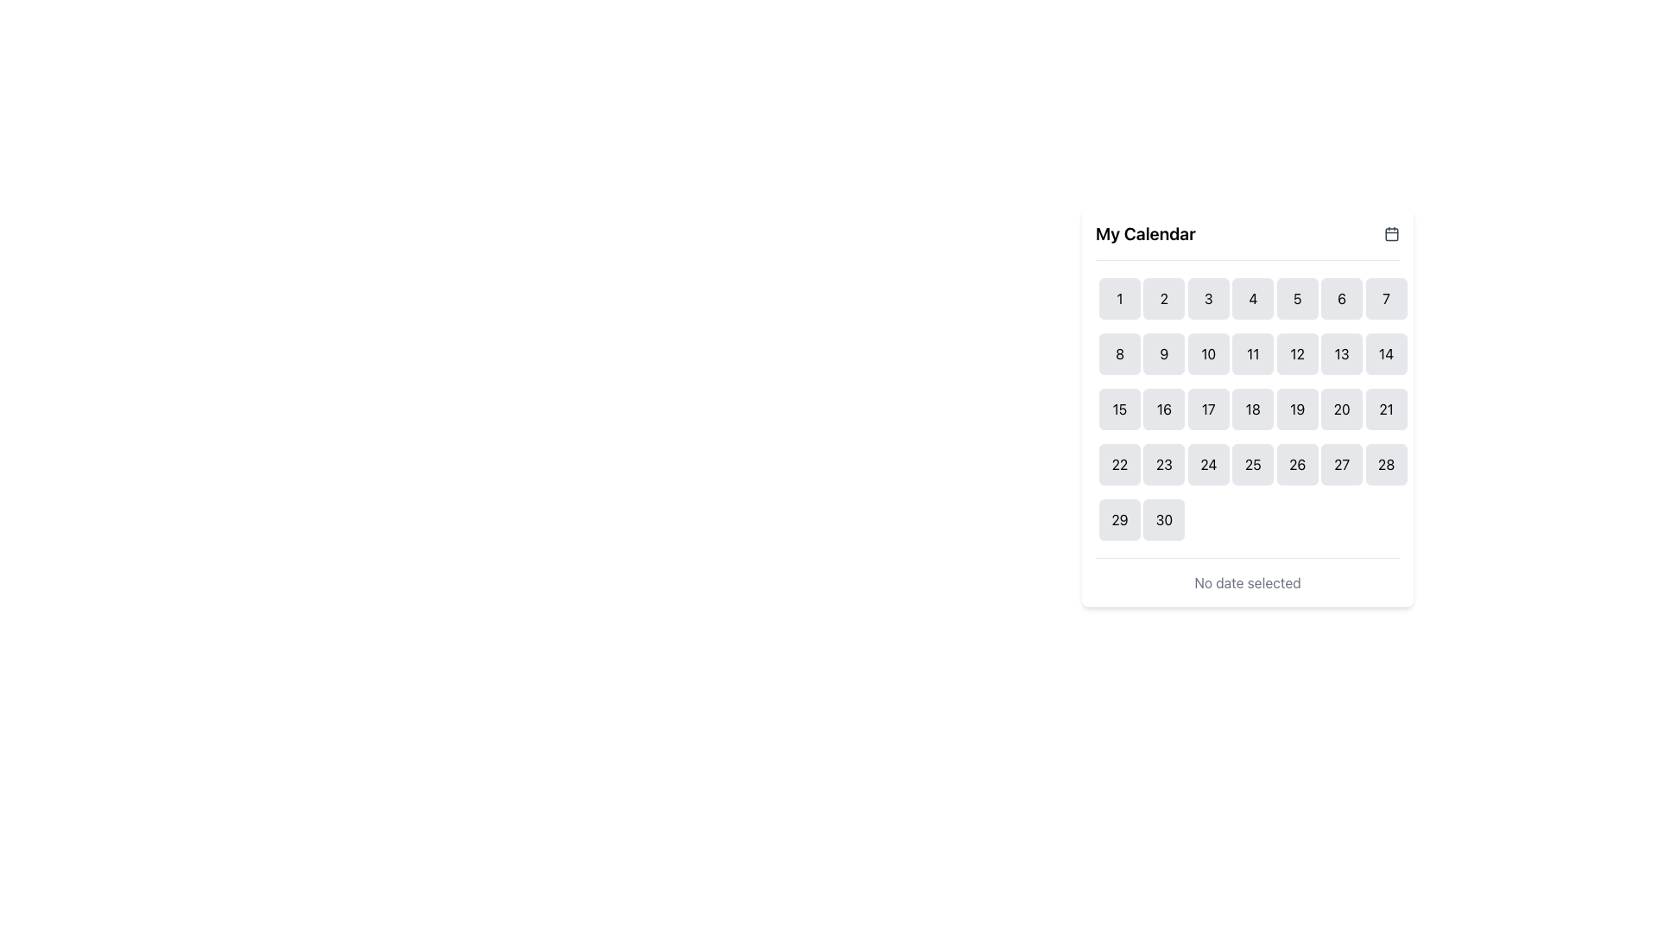 This screenshot has height=933, width=1658. What do you see at coordinates (1392, 233) in the screenshot?
I see `the small gray calendar icon button next to 'My Calendar'` at bounding box center [1392, 233].